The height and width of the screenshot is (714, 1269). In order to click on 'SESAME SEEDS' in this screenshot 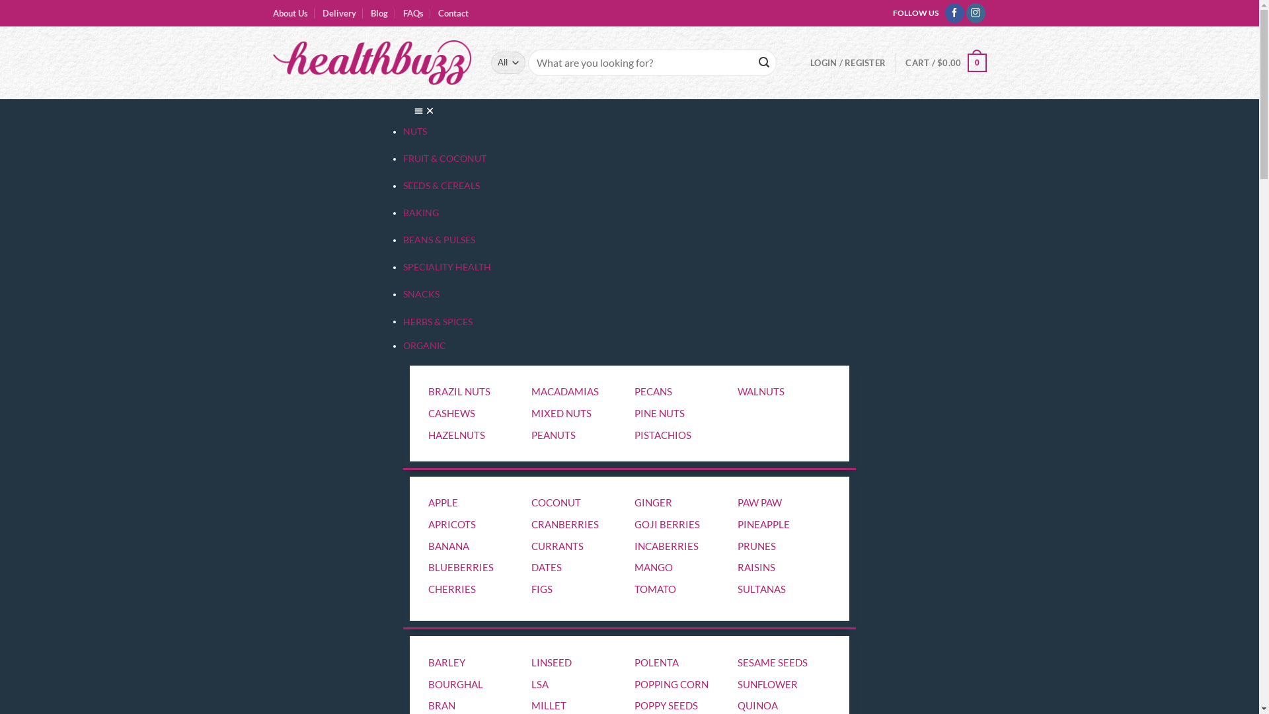, I will do `click(773, 662)`.